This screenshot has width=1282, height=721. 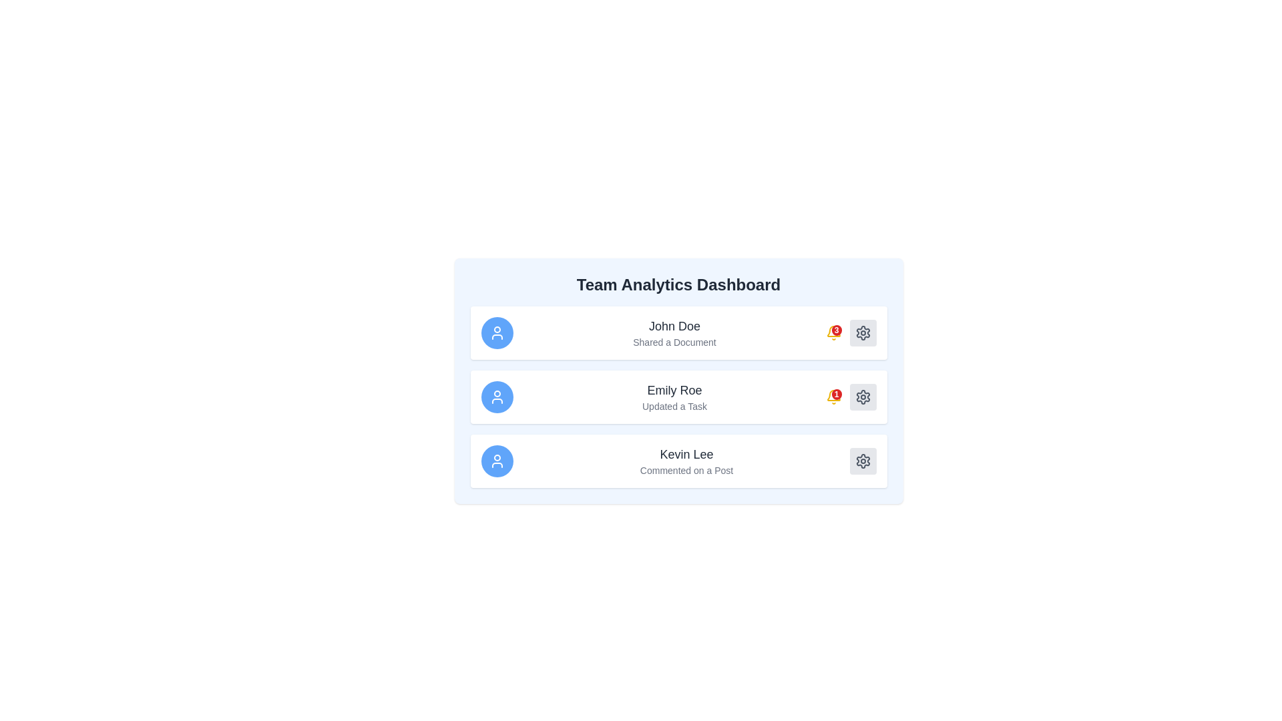 What do you see at coordinates (686, 460) in the screenshot?
I see `the notification list item that displays a comment from 'Kevin Lee' in the vertical list of notifications on the dashboard` at bounding box center [686, 460].